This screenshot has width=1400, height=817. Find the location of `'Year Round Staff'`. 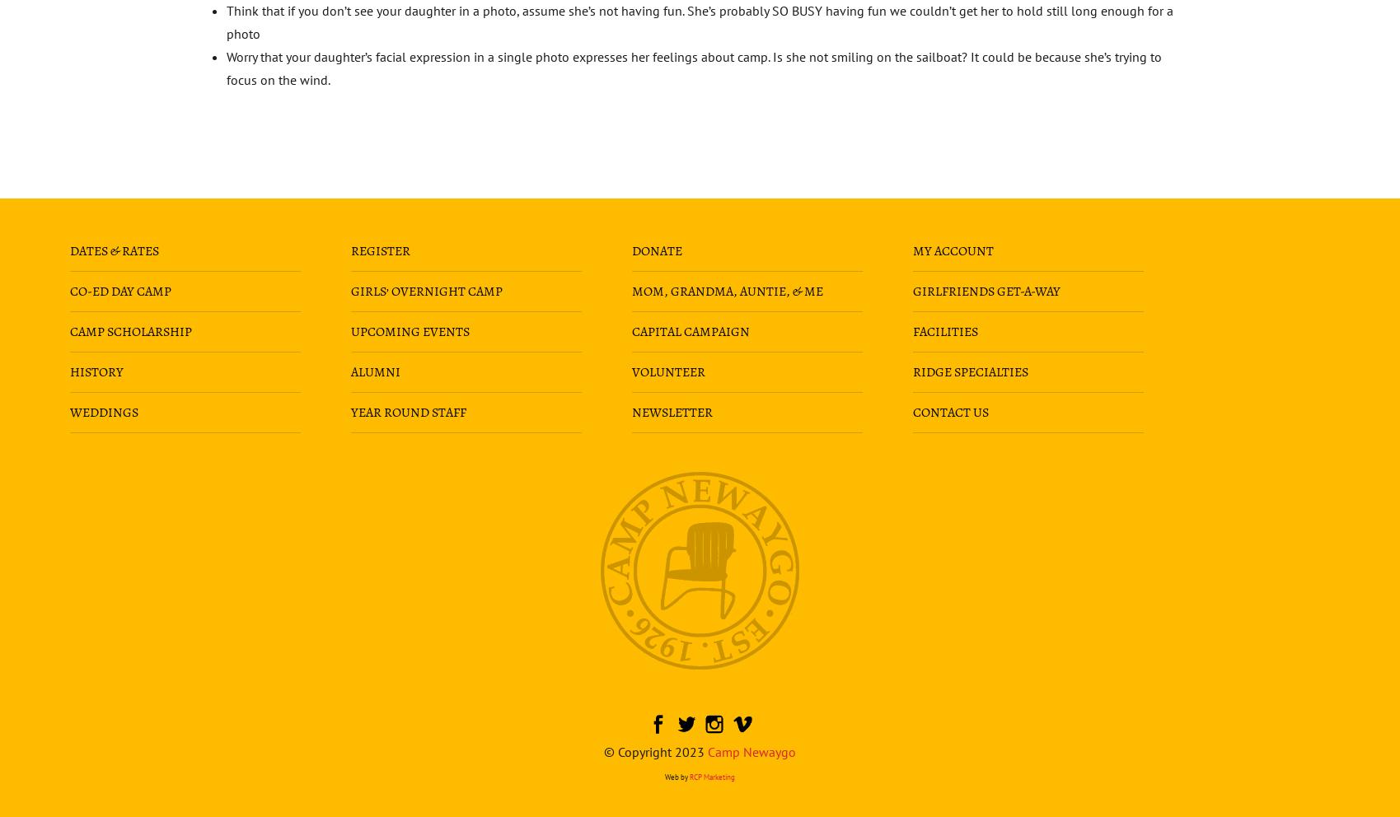

'Year Round Staff' is located at coordinates (407, 410).